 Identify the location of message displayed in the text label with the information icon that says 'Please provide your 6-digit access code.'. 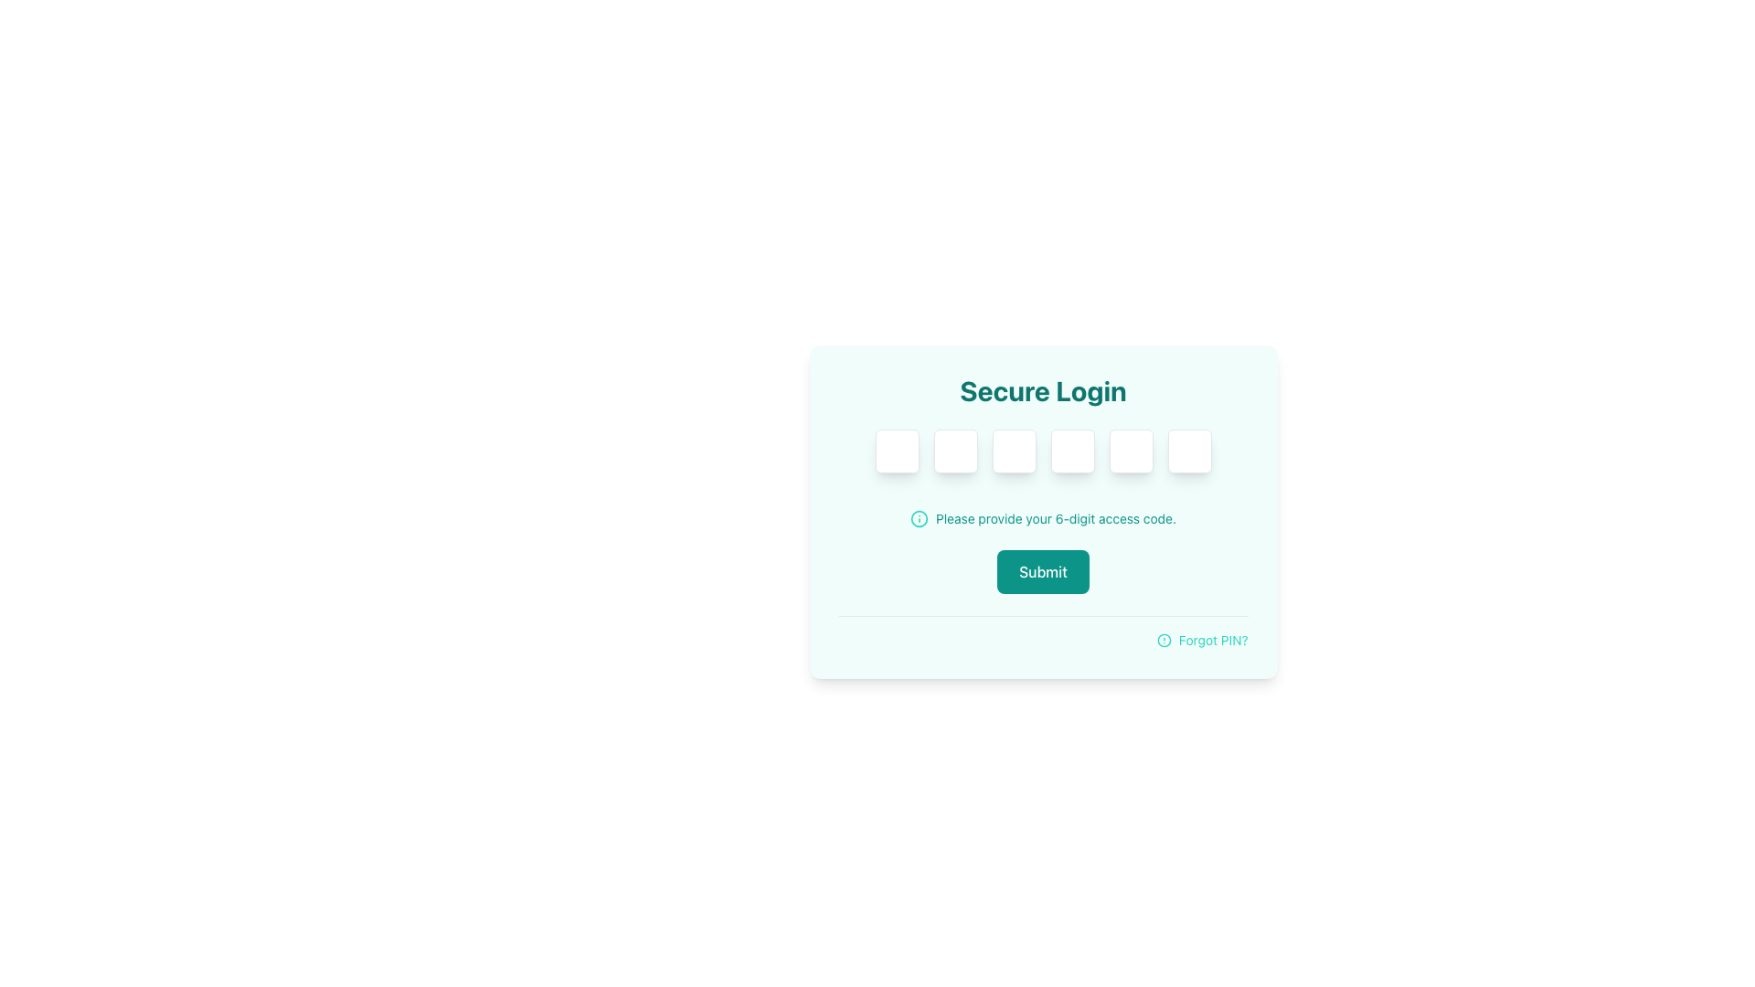
(1043, 518).